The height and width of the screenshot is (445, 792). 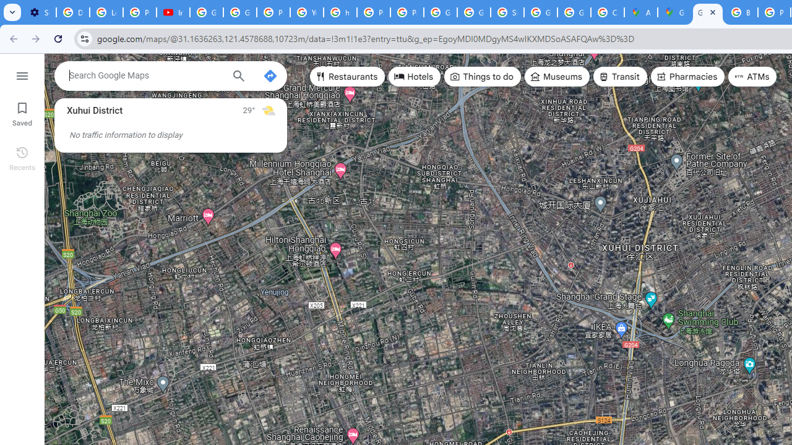 What do you see at coordinates (72, 12) in the screenshot?
I see `'Delete photos & videos - Computer - Google Photos Help'` at bounding box center [72, 12].